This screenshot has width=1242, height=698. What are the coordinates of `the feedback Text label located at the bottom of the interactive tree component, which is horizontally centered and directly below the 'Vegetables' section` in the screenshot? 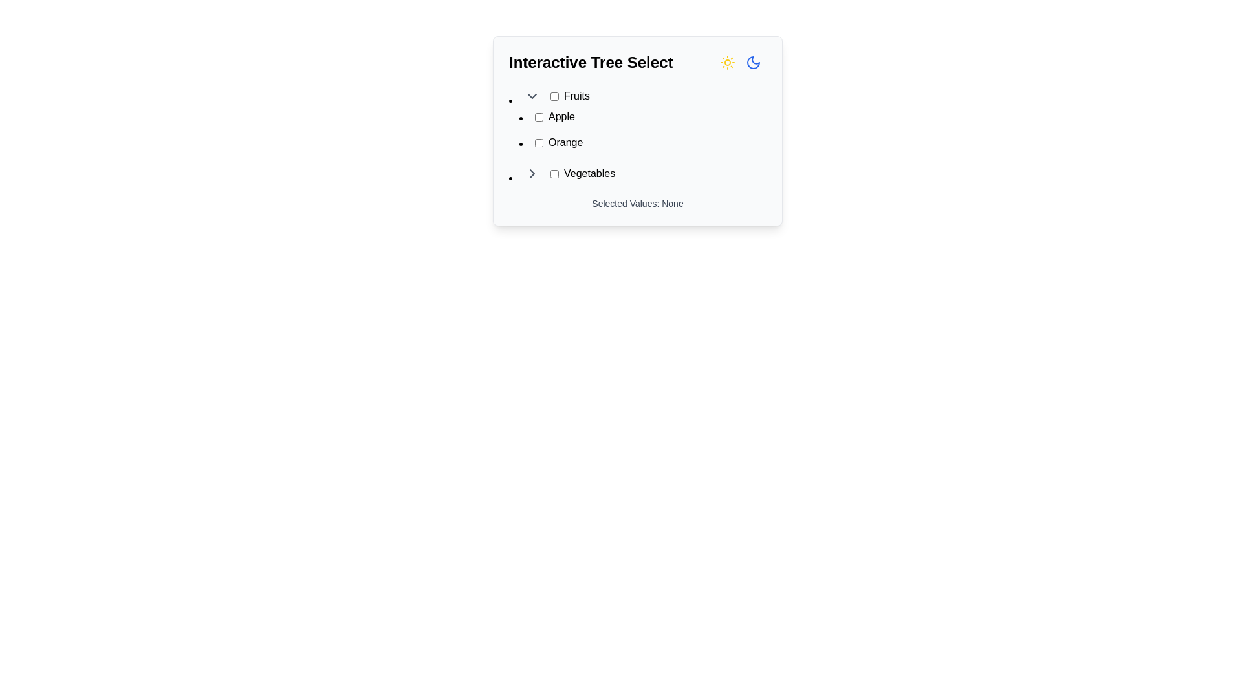 It's located at (637, 198).